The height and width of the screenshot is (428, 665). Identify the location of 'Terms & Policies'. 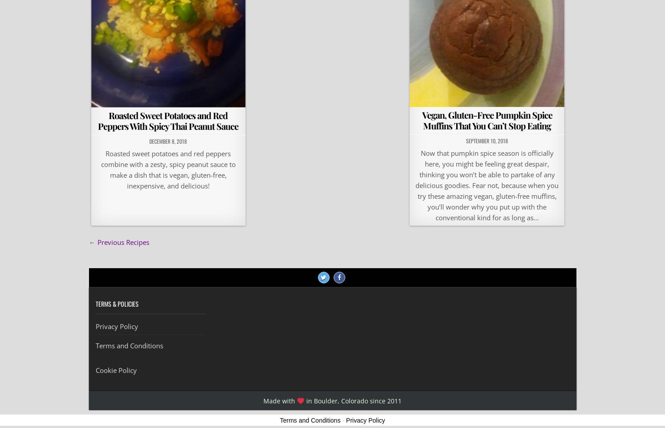
(116, 304).